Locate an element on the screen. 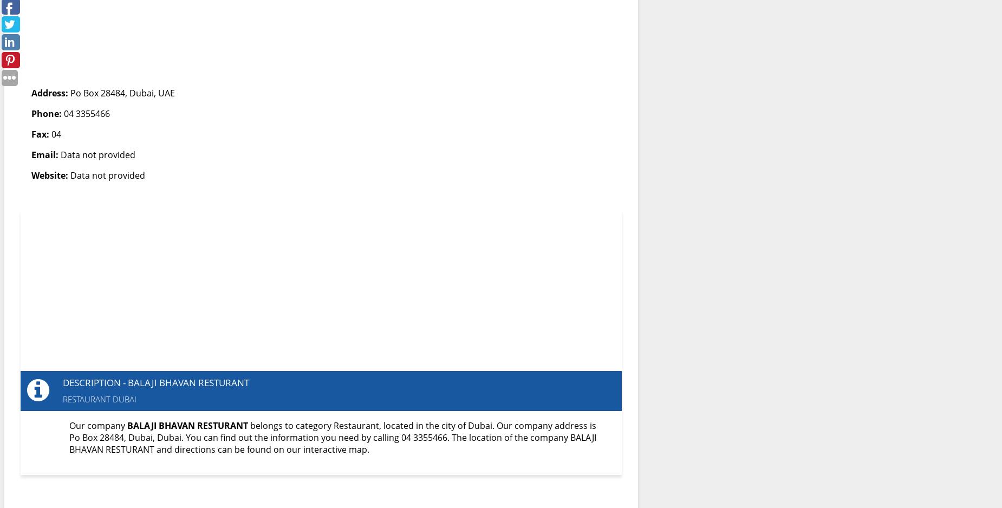 Image resolution: width=1002 pixels, height=508 pixels. 'Phone:' is located at coordinates (46, 114).